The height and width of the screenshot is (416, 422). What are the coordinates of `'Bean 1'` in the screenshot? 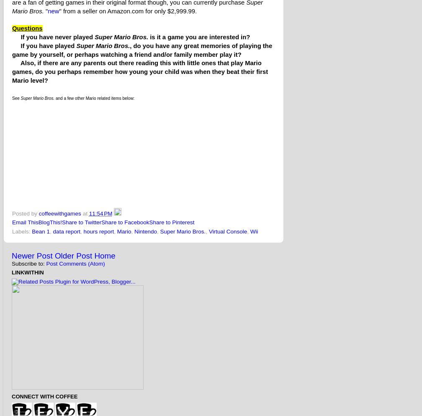 It's located at (41, 231).